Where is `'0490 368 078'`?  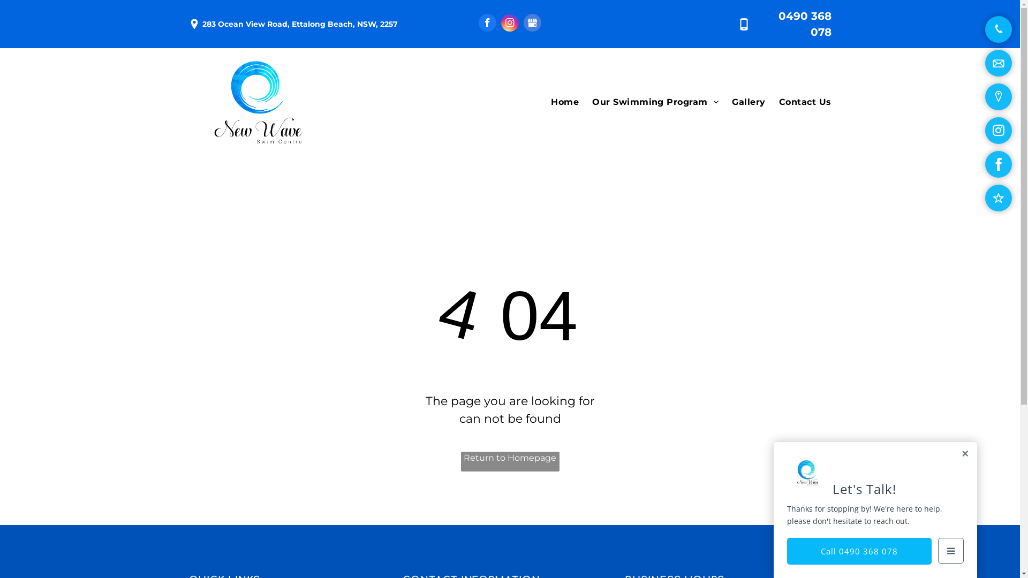
'0490 368 078' is located at coordinates (805, 24).